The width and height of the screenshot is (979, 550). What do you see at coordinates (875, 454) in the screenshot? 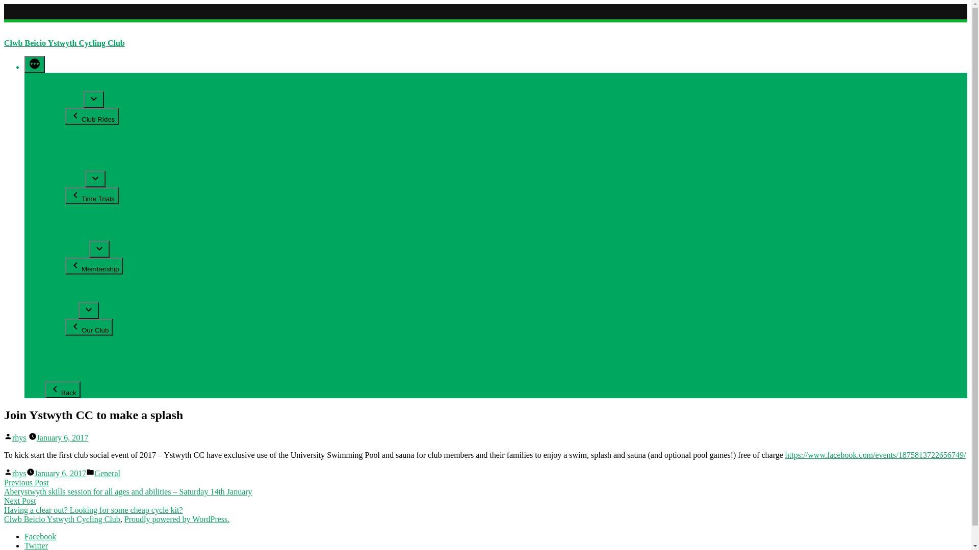
I see `'https://www.facebook.com/events/1875813722656749/'` at bounding box center [875, 454].